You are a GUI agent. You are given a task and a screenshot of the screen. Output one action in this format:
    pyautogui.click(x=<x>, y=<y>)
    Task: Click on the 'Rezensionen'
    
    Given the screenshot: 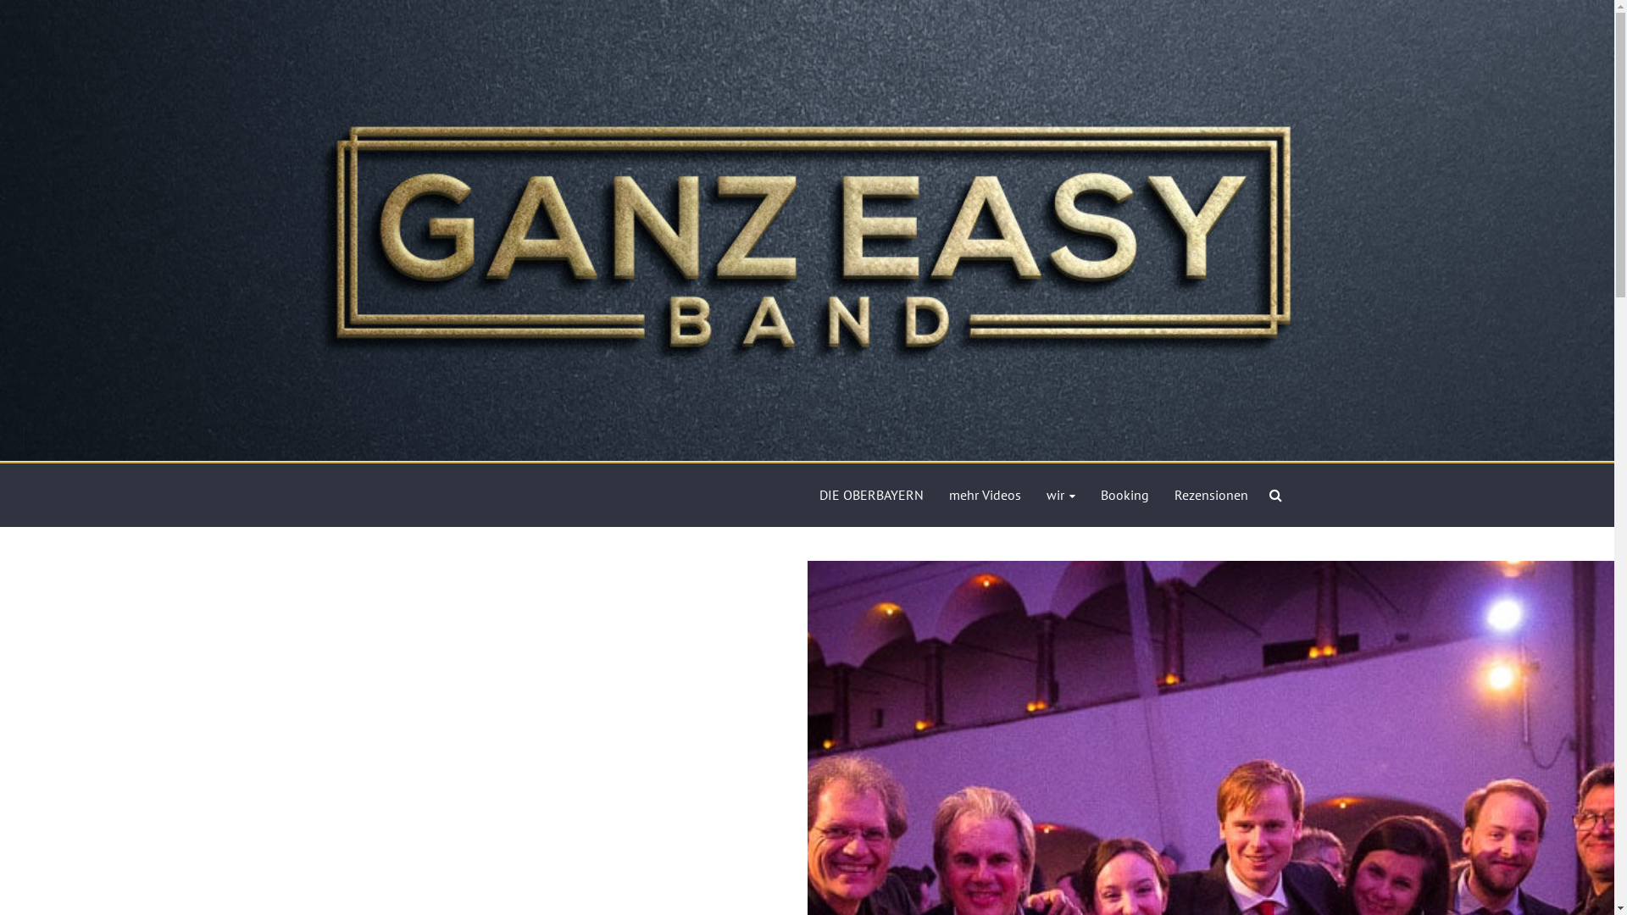 What is the action you would take?
    pyautogui.click(x=1210, y=495)
    